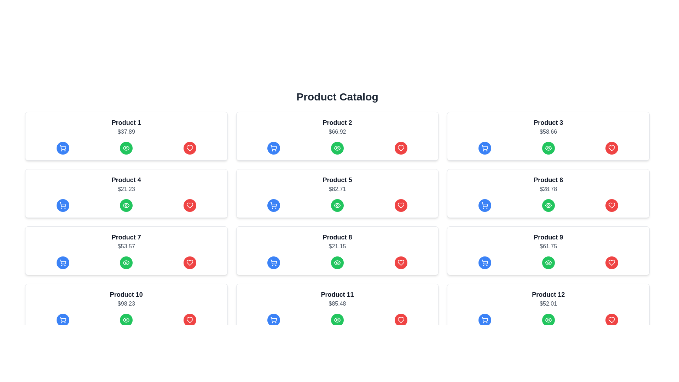 The image size is (679, 382). I want to click on the text label indicating the price of 'Product 1', which is located directly below the product name and above a row of buttons, so click(126, 132).